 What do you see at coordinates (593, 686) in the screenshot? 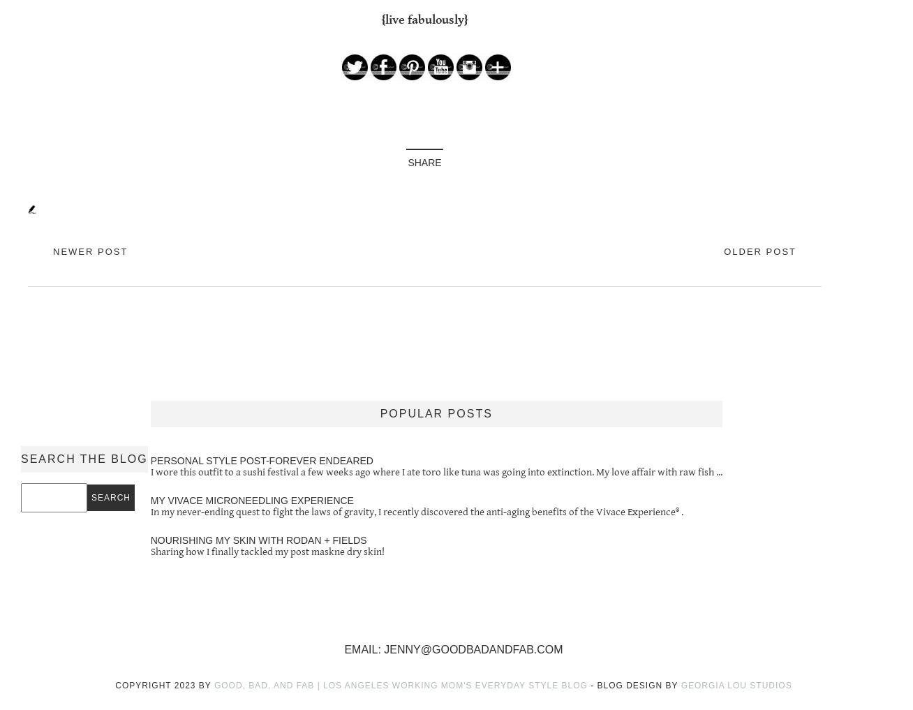
I see `'-'` at bounding box center [593, 686].